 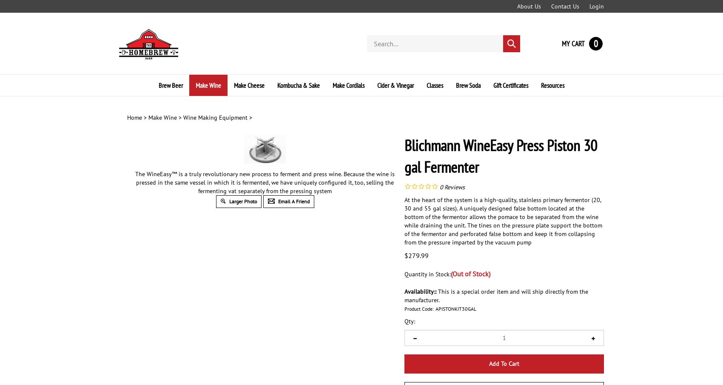 What do you see at coordinates (332, 84) in the screenshot?
I see `'Make Cordials'` at bounding box center [332, 84].